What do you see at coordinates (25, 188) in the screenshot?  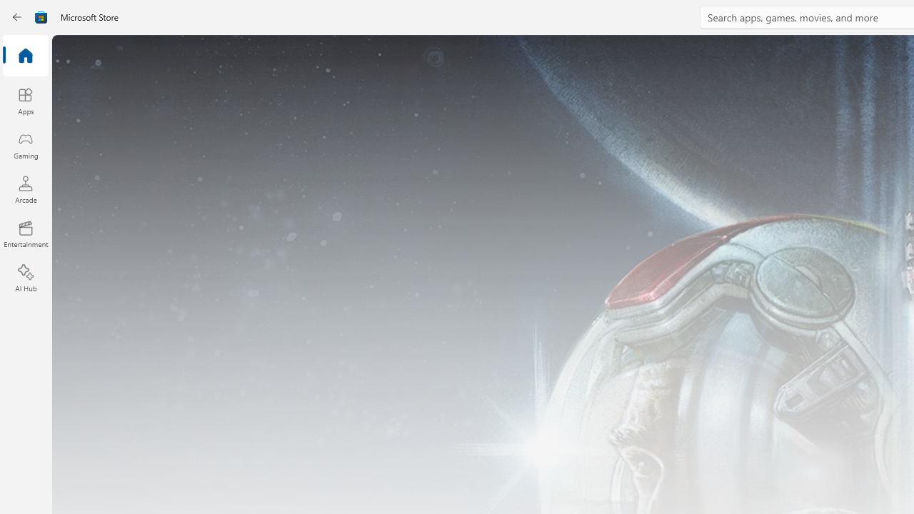 I see `'Arcade'` at bounding box center [25, 188].